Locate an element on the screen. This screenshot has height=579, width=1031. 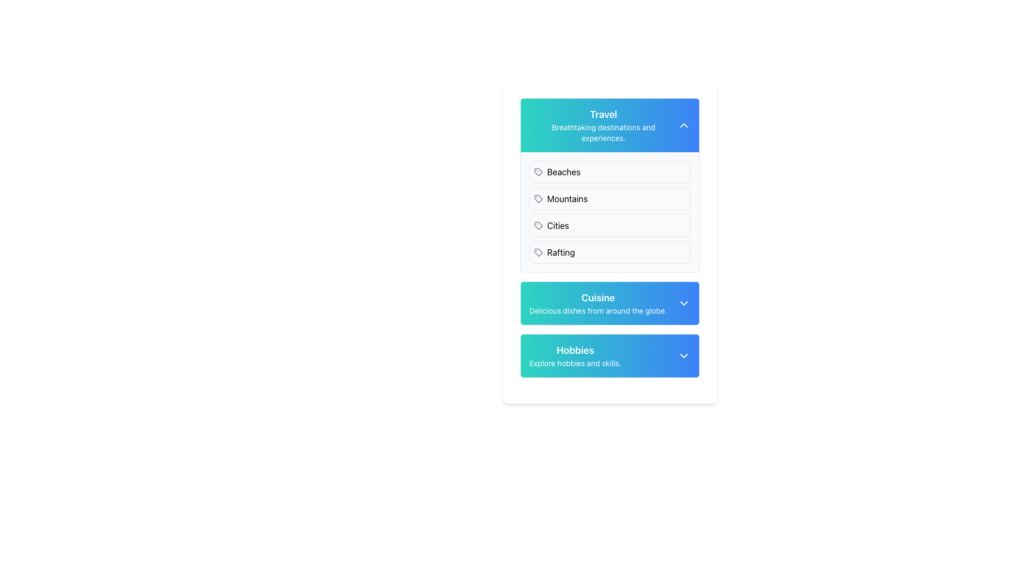
the 'Mountains' text label, which is the second option in the vertically stacked list of selectable tags under the 'Travel' section, positioned between 'Beaches' and 'Cities' is located at coordinates (567, 198).